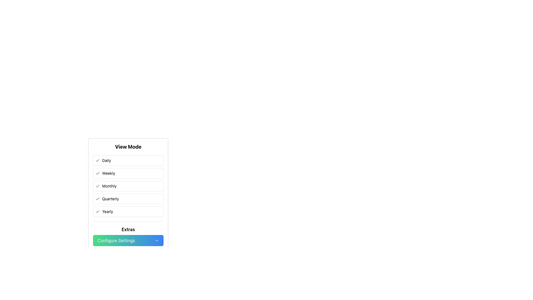 Image resolution: width=533 pixels, height=300 pixels. Describe the element at coordinates (97, 199) in the screenshot. I see `the Checkbox Icon (SVG Checkmark) that indicates the 'Quarterly' option is selected in the 'View Mode' section` at that location.